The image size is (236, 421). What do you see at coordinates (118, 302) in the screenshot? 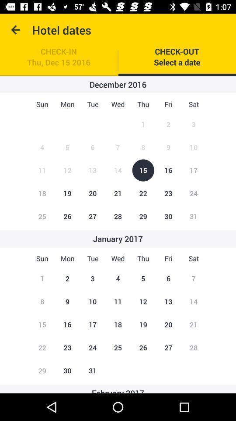
I see `the number 11 in january 2017` at bounding box center [118, 302].